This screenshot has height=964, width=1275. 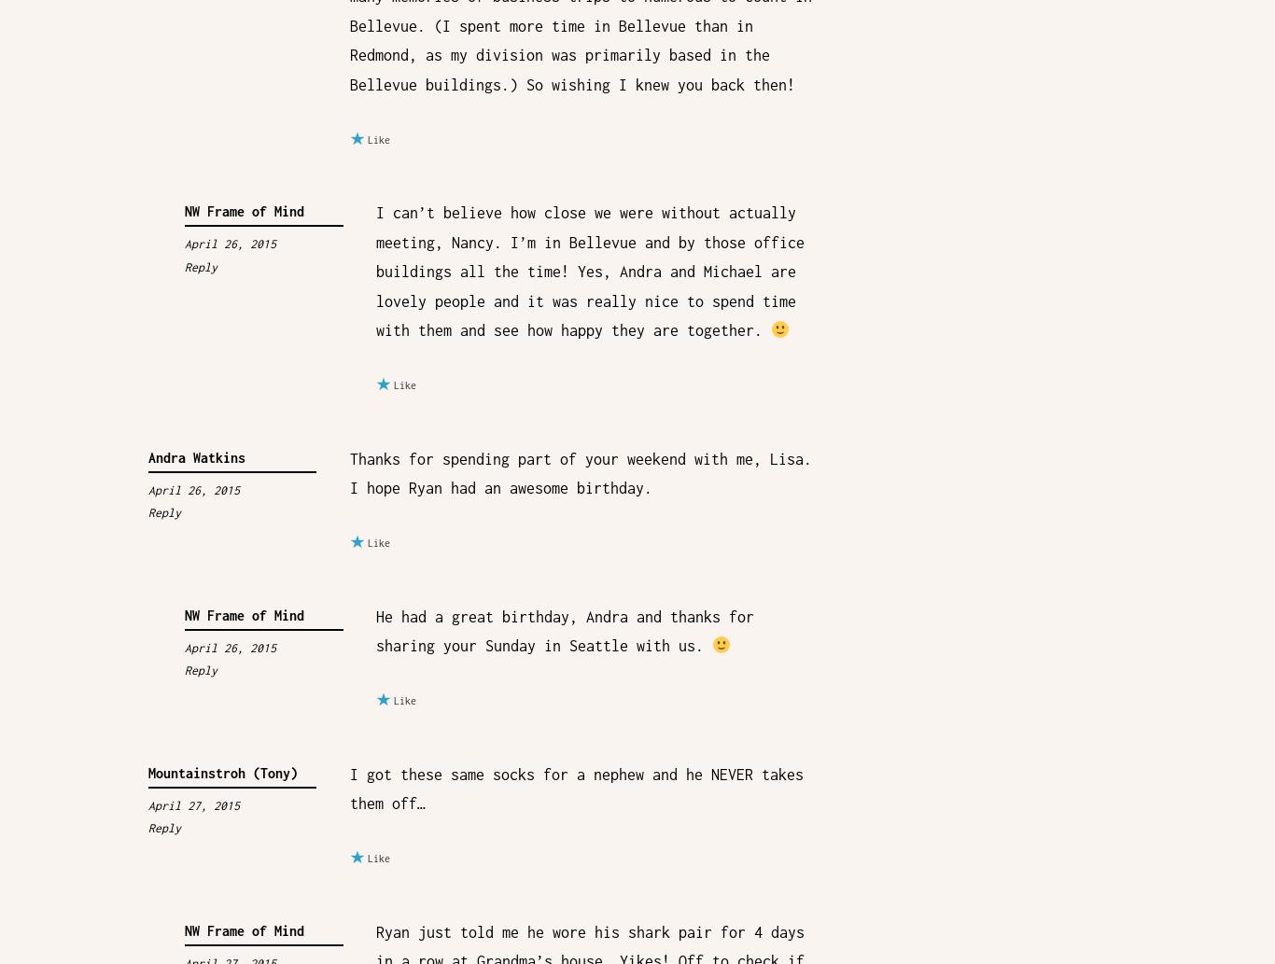 What do you see at coordinates (588, 270) in the screenshot?
I see `'I can’t believe how close we were without actually meeting, Nancy. I’m in Bellevue and by those office buildings all the time!  Yes, Andra and Michael are lovely people and it was really nice to spend time with them and see how happy they are together.'` at bounding box center [588, 270].